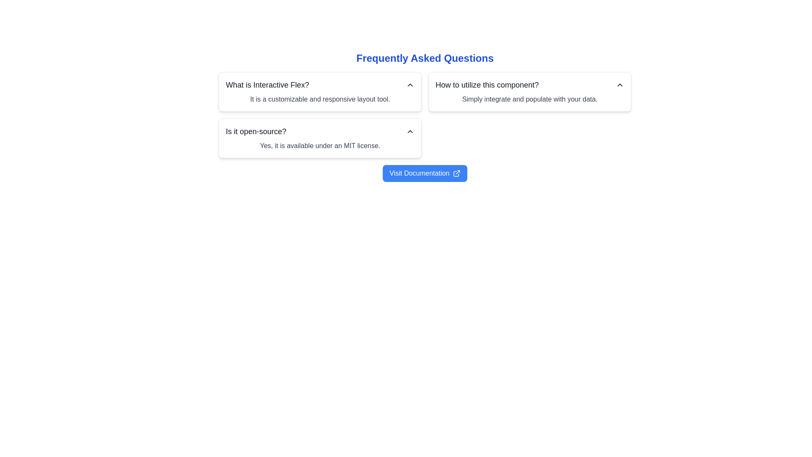  What do you see at coordinates (425, 173) in the screenshot?
I see `the button that directs users to the documentation in the Frequently Asked Questions section` at bounding box center [425, 173].